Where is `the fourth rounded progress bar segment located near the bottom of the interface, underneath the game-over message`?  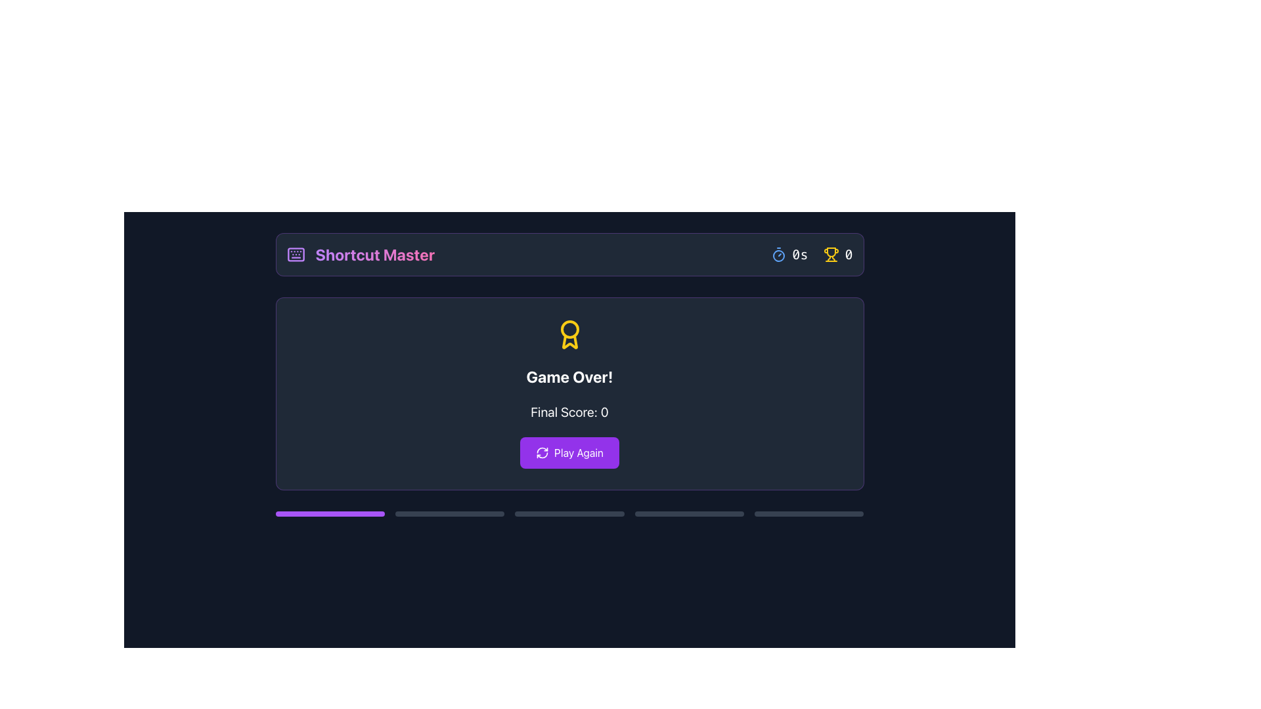
the fourth rounded progress bar segment located near the bottom of the interface, underneath the game-over message is located at coordinates (688, 513).